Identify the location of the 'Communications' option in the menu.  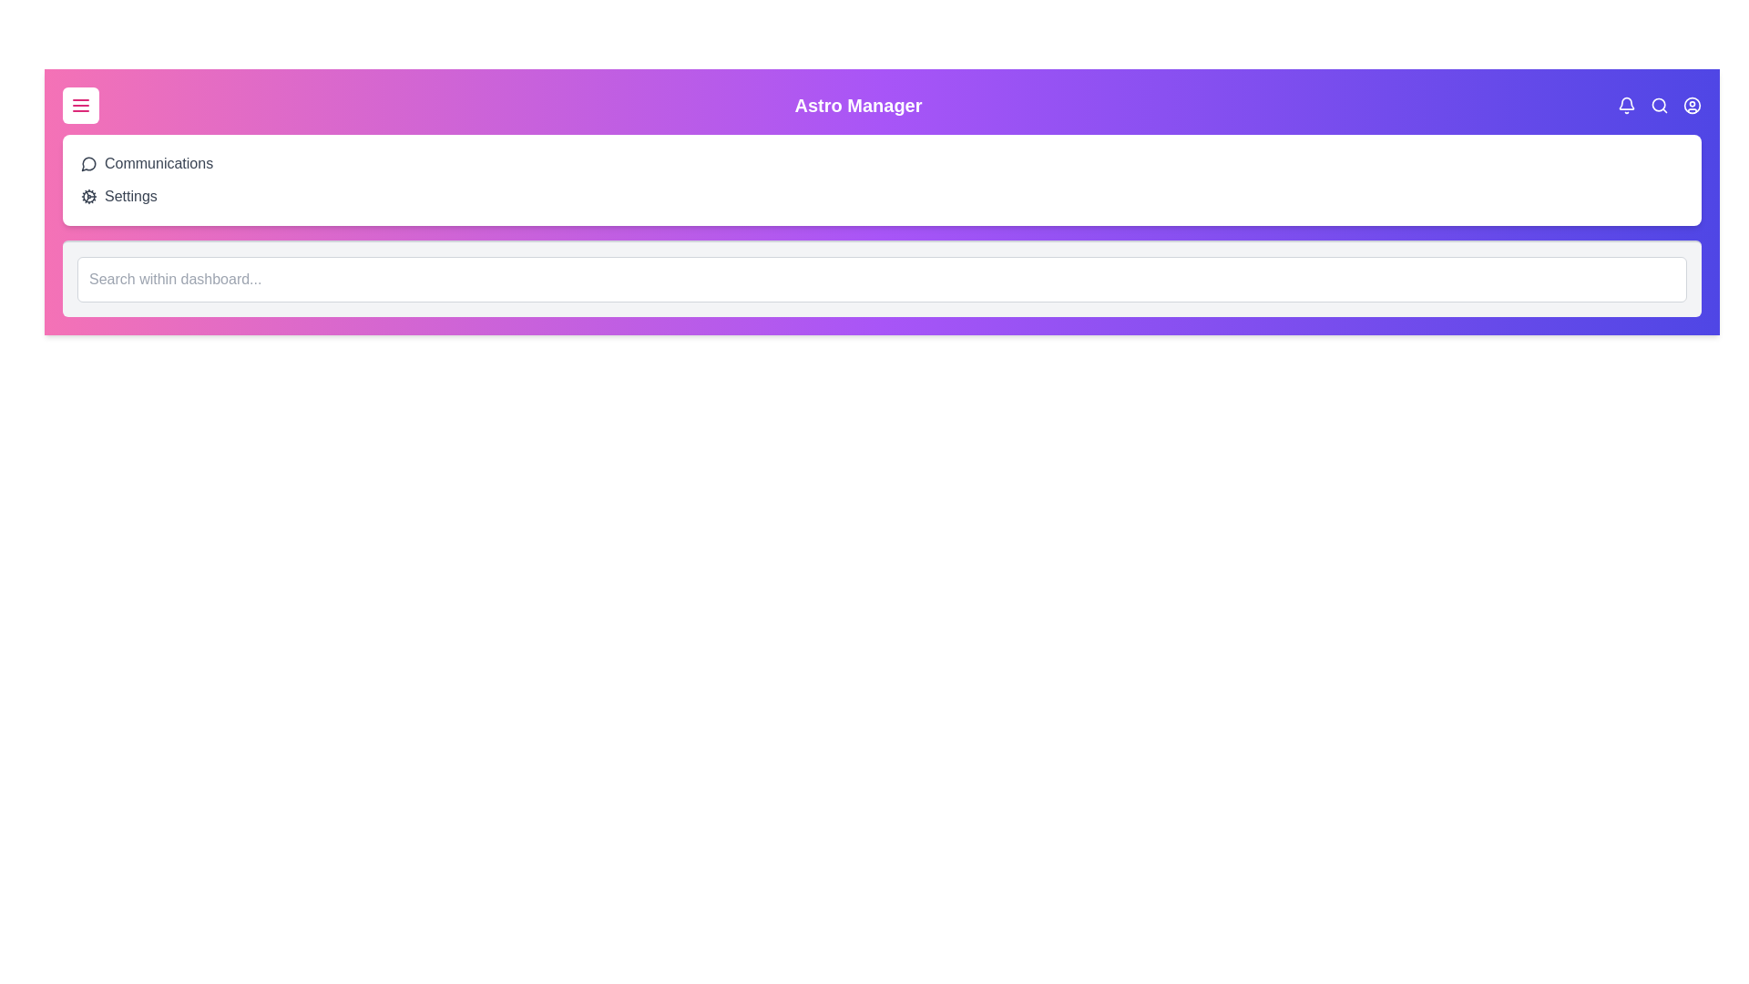
(158, 164).